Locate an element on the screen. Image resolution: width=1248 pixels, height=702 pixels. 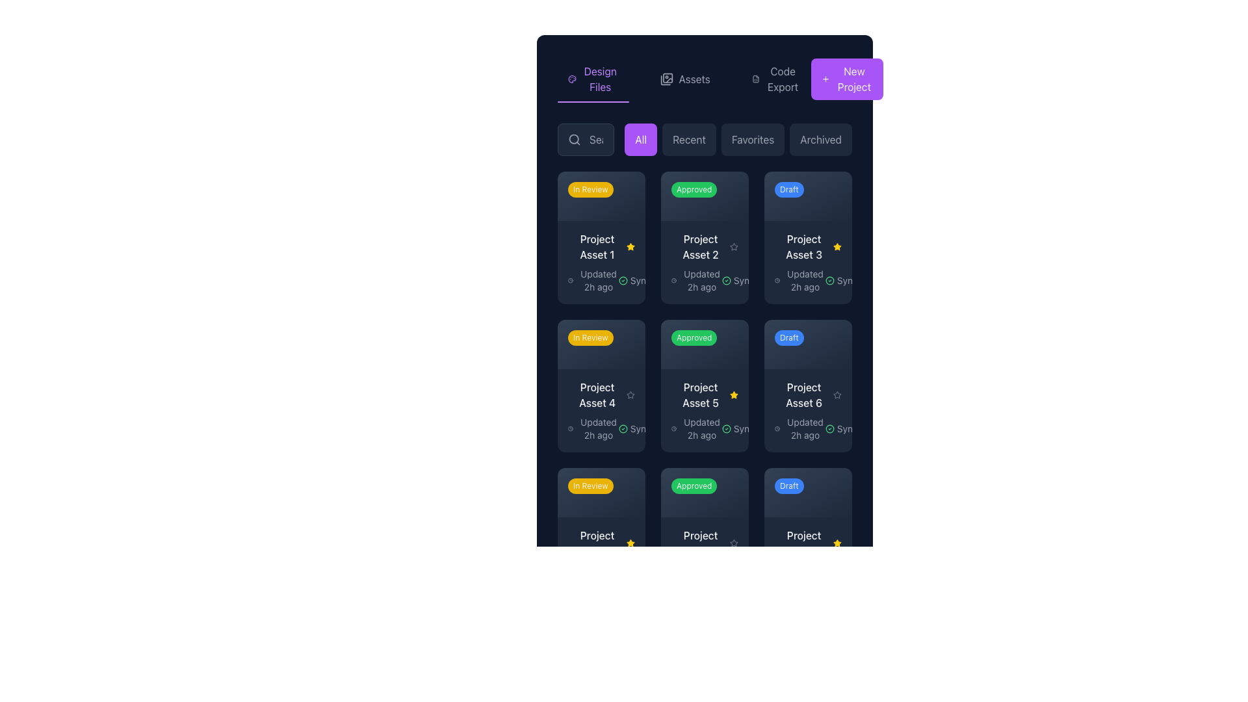
the small file icon with a code-related symbol located in the 'Code Export' menu, positioned between the 'Assets' and 'New Project' items is located at coordinates (755, 79).